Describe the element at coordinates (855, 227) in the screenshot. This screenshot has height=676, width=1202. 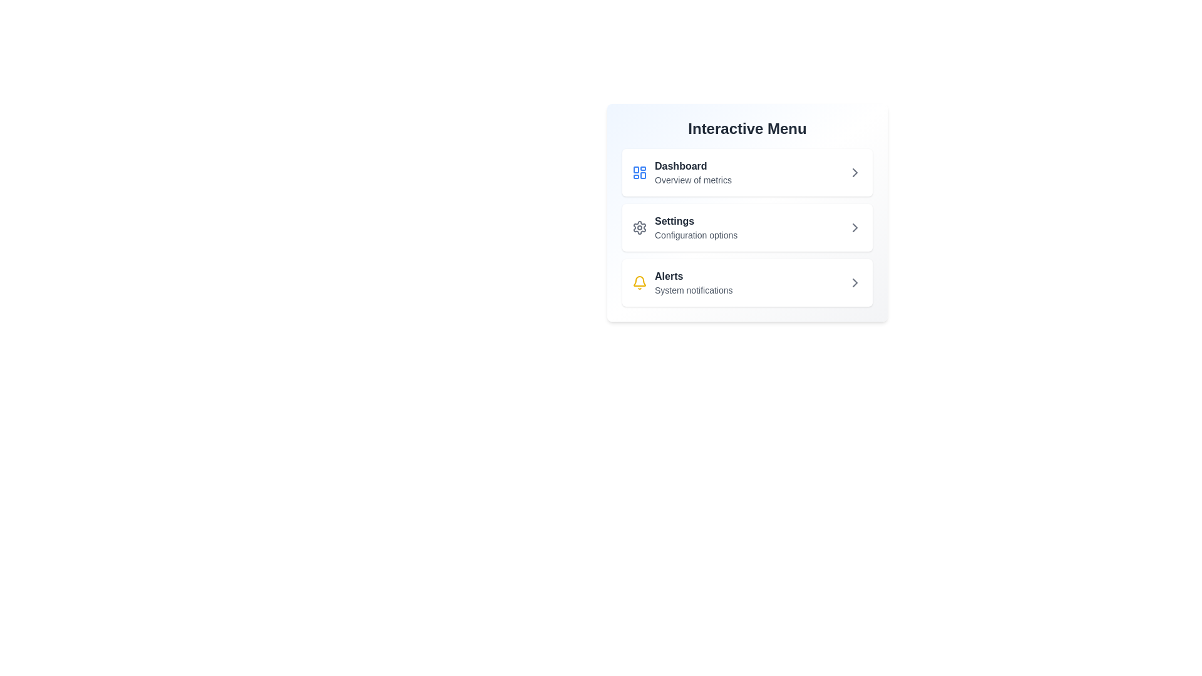
I see `the right-pointing gray chevron icon located at the far right of the second row in the 'Interactive Menu' panel, following the text 'Settings' and 'Configuration options'` at that location.